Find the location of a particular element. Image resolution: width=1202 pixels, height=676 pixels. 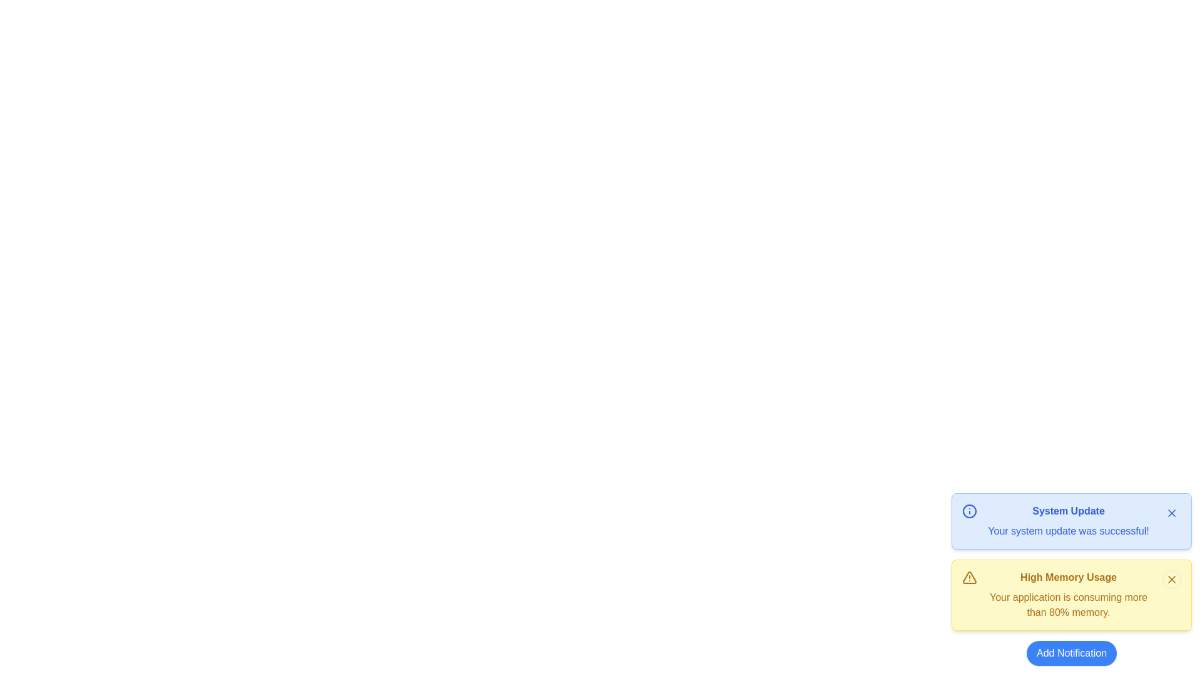

the title and main message area of the notification card that informs the user about the success of a system update, located at the center of the blue notification card is located at coordinates (1068, 521).